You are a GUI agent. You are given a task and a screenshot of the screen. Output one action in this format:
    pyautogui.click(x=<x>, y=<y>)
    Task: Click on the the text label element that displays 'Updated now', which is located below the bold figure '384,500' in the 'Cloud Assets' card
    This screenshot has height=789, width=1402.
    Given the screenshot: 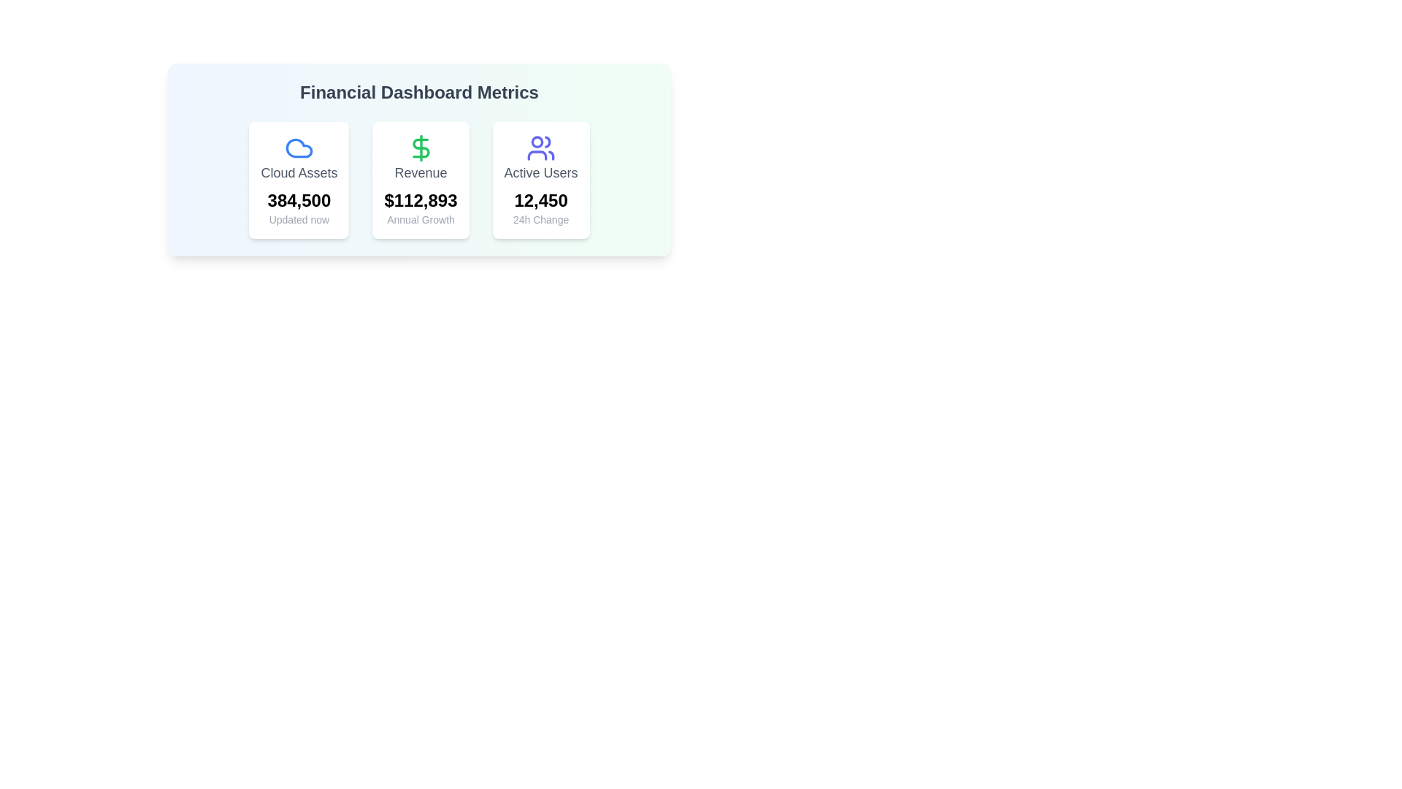 What is the action you would take?
    pyautogui.click(x=298, y=219)
    